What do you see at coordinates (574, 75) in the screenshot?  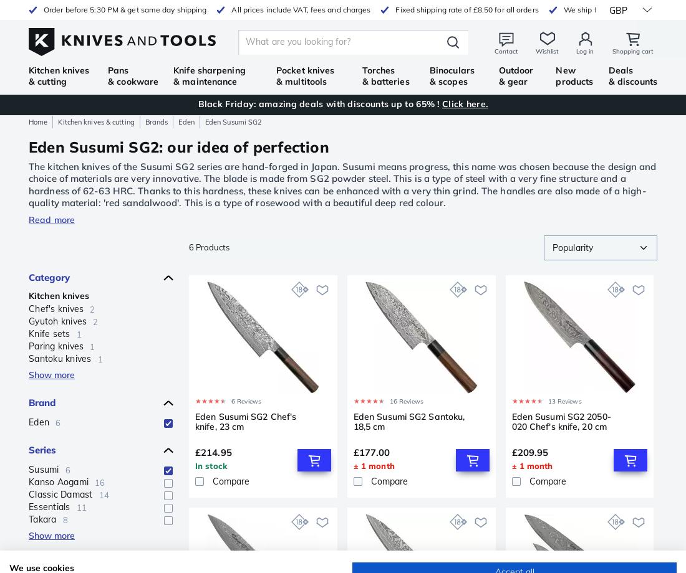 I see `'New products'` at bounding box center [574, 75].